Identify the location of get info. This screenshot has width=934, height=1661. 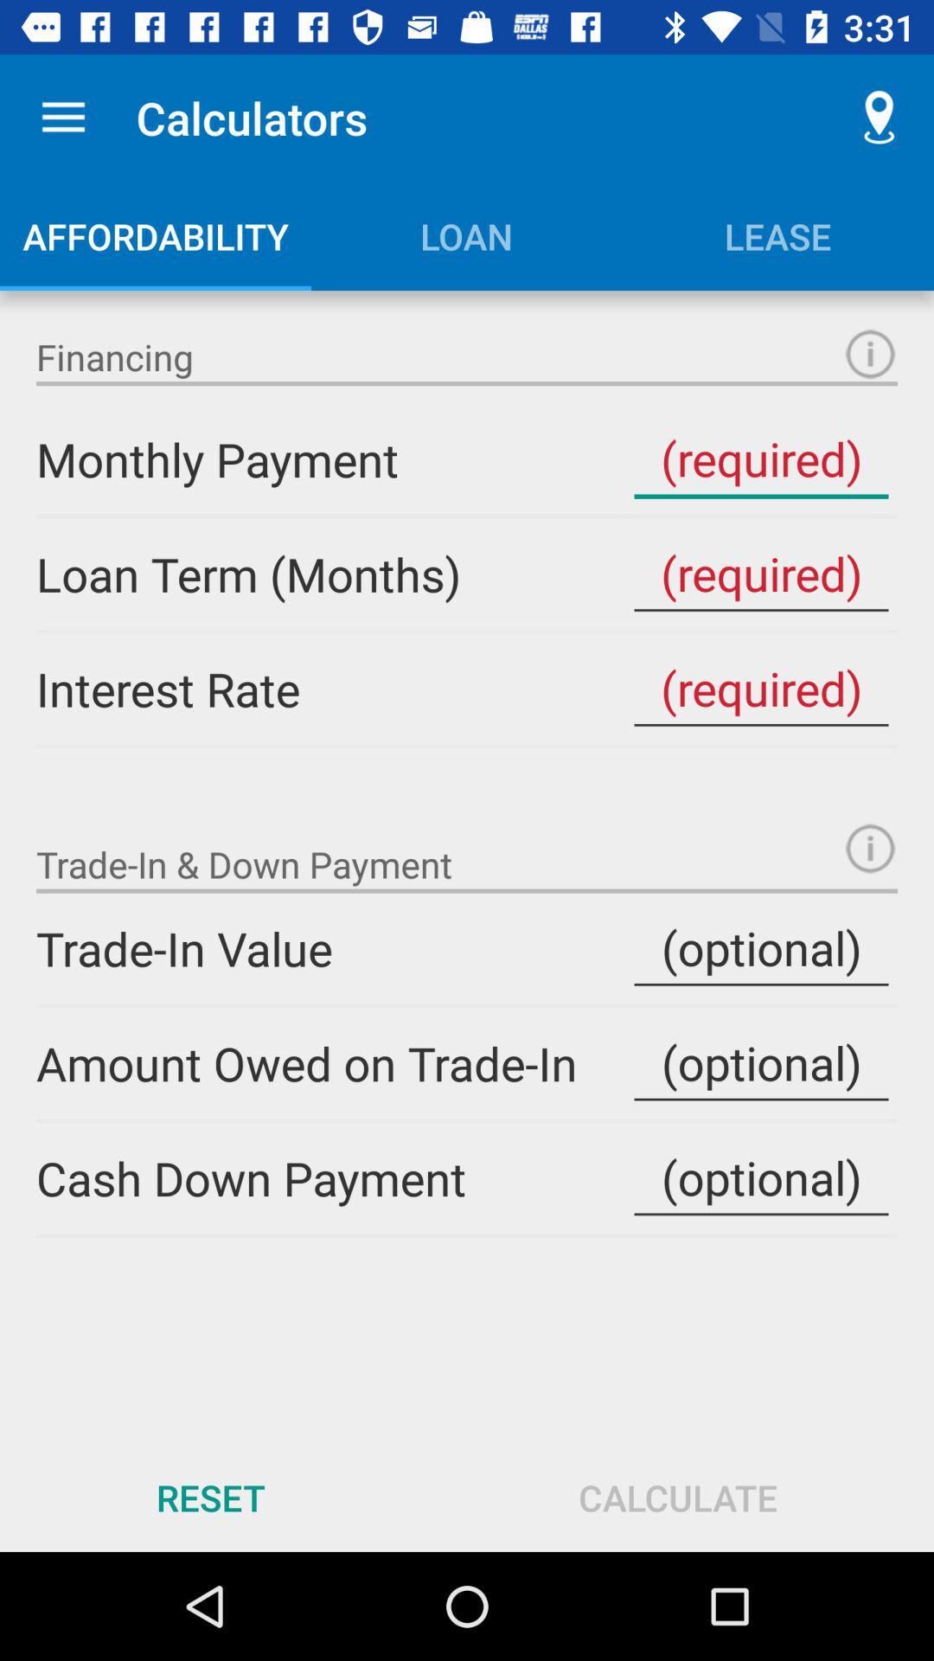
(870, 353).